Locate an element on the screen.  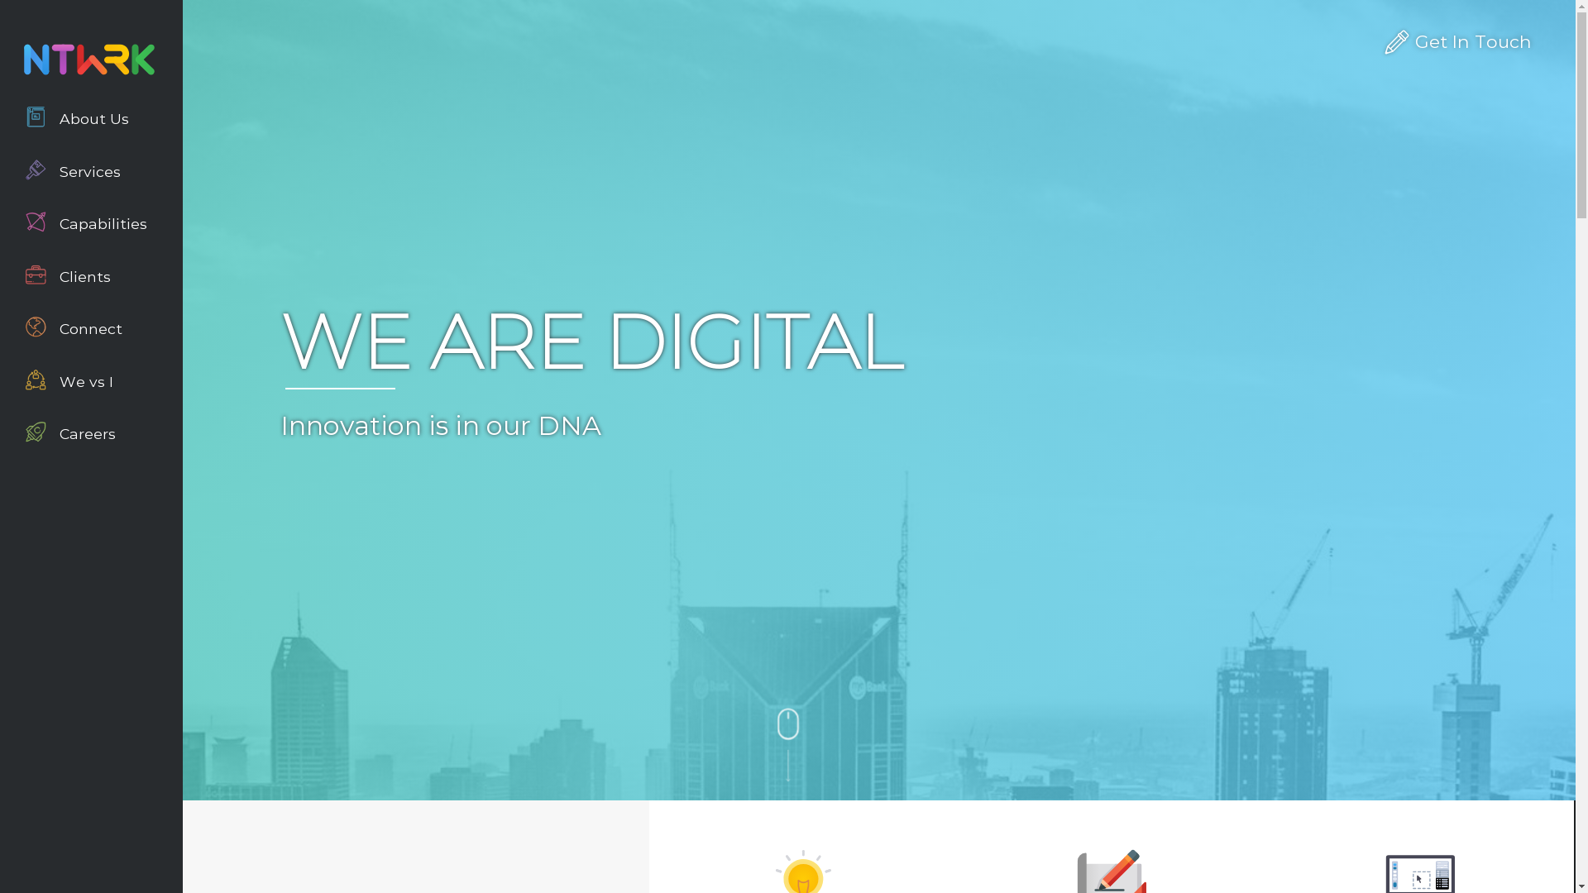
'We vs I' is located at coordinates (90, 381).